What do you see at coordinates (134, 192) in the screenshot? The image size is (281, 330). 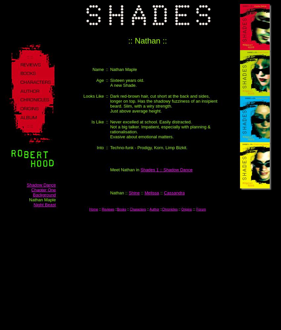 I see `'Shine'` at bounding box center [134, 192].